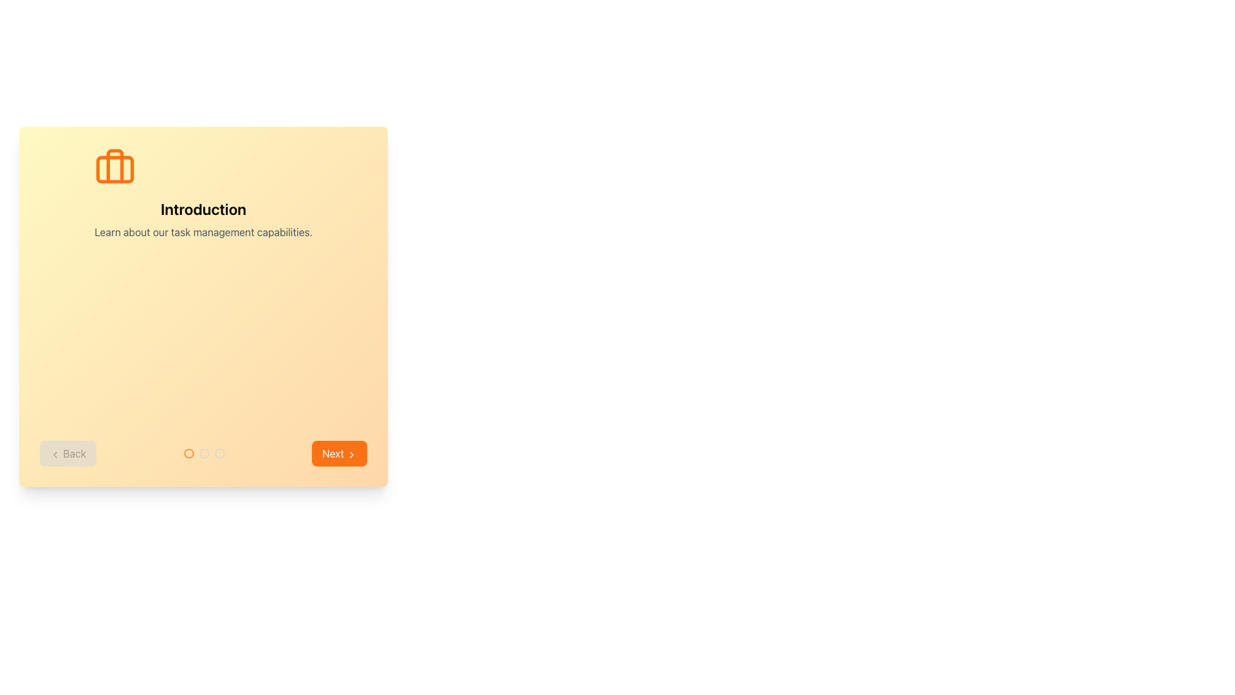 The height and width of the screenshot is (695, 1235). Describe the element at coordinates (188, 453) in the screenshot. I see `the first circular navigation indicator located at the bottom center of the card` at that location.